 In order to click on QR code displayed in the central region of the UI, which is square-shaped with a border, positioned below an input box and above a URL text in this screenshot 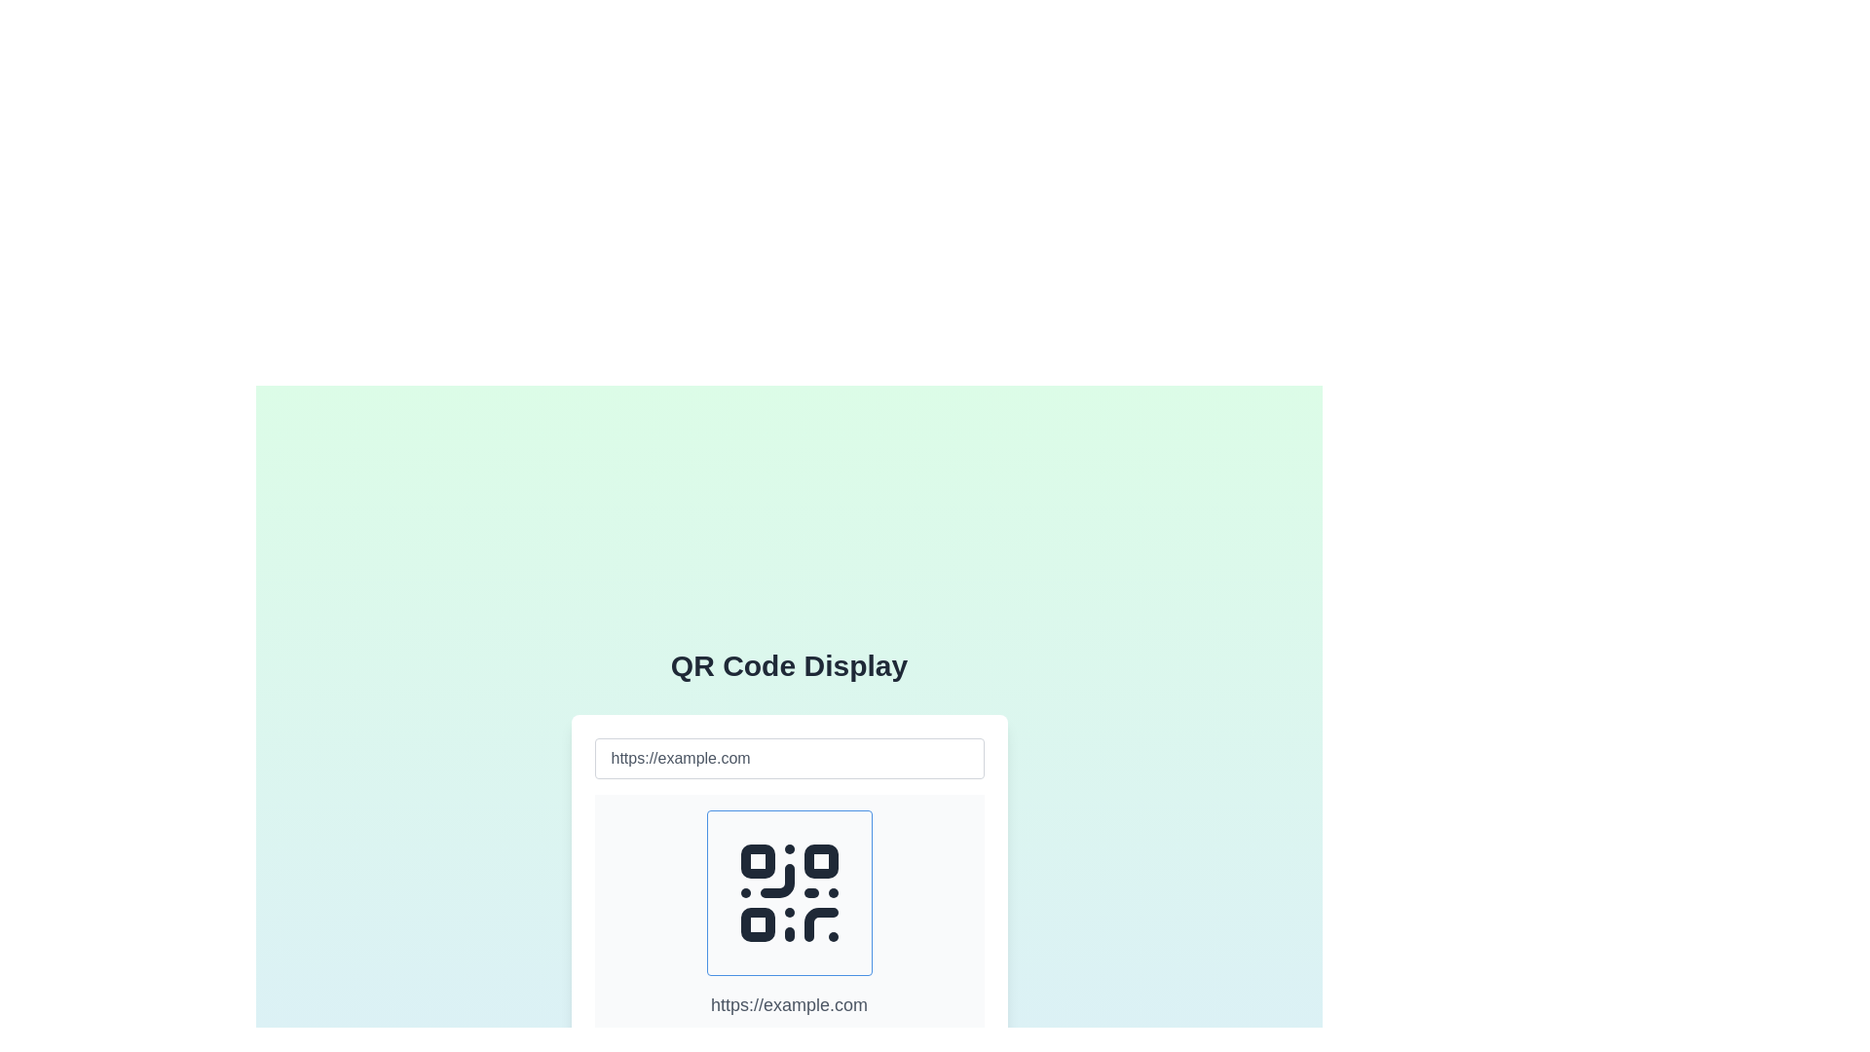, I will do `click(789, 893)`.